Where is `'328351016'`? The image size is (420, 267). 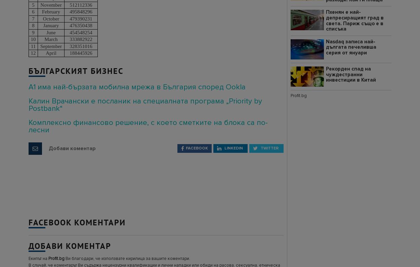 '328351016' is located at coordinates (80, 46).